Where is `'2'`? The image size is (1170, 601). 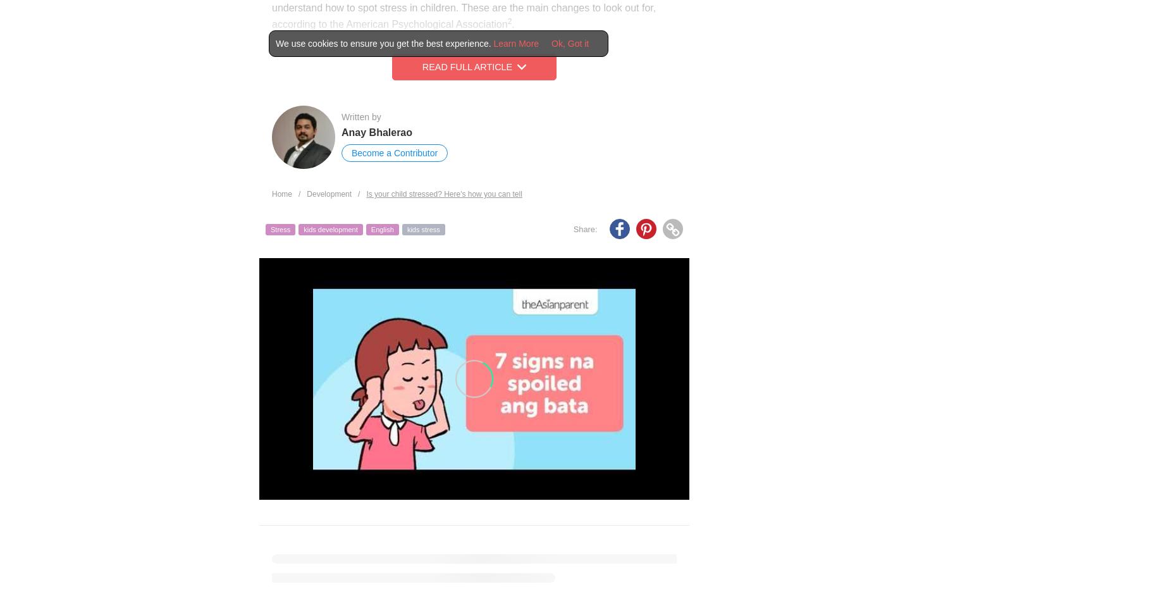 '2' is located at coordinates (507, 20).